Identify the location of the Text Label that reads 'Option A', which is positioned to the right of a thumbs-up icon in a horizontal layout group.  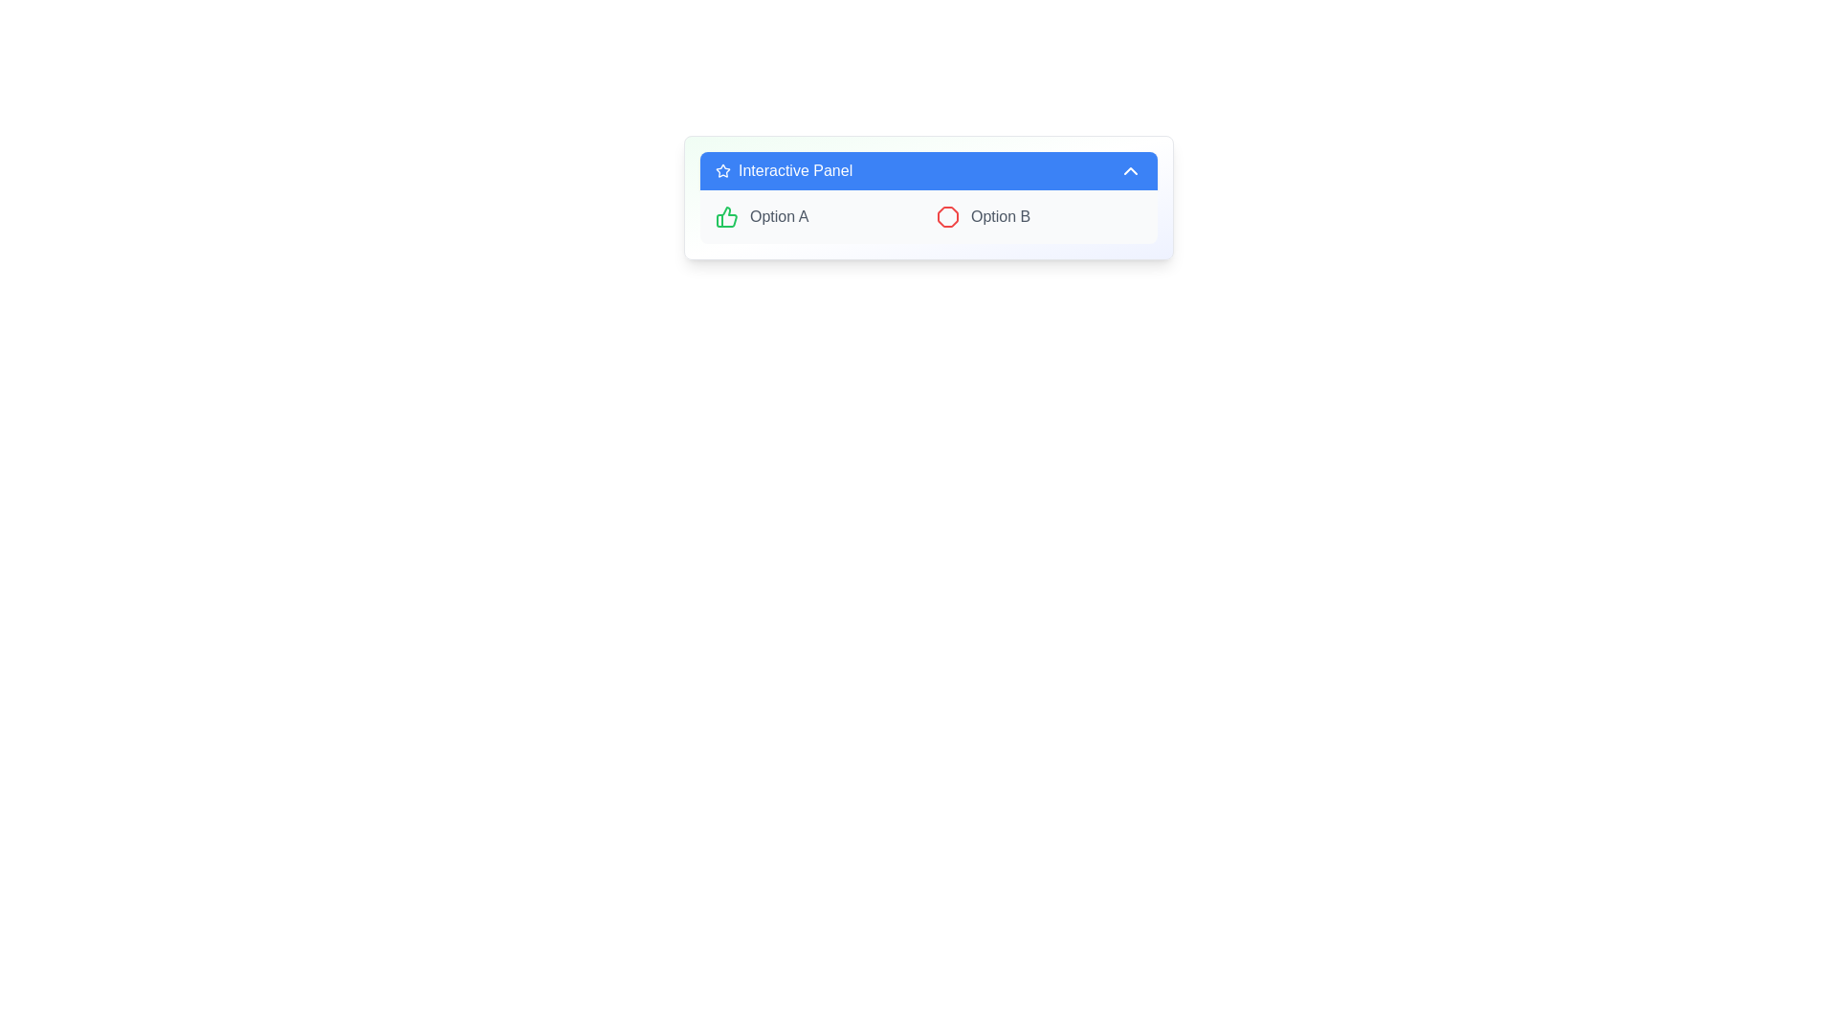
(779, 216).